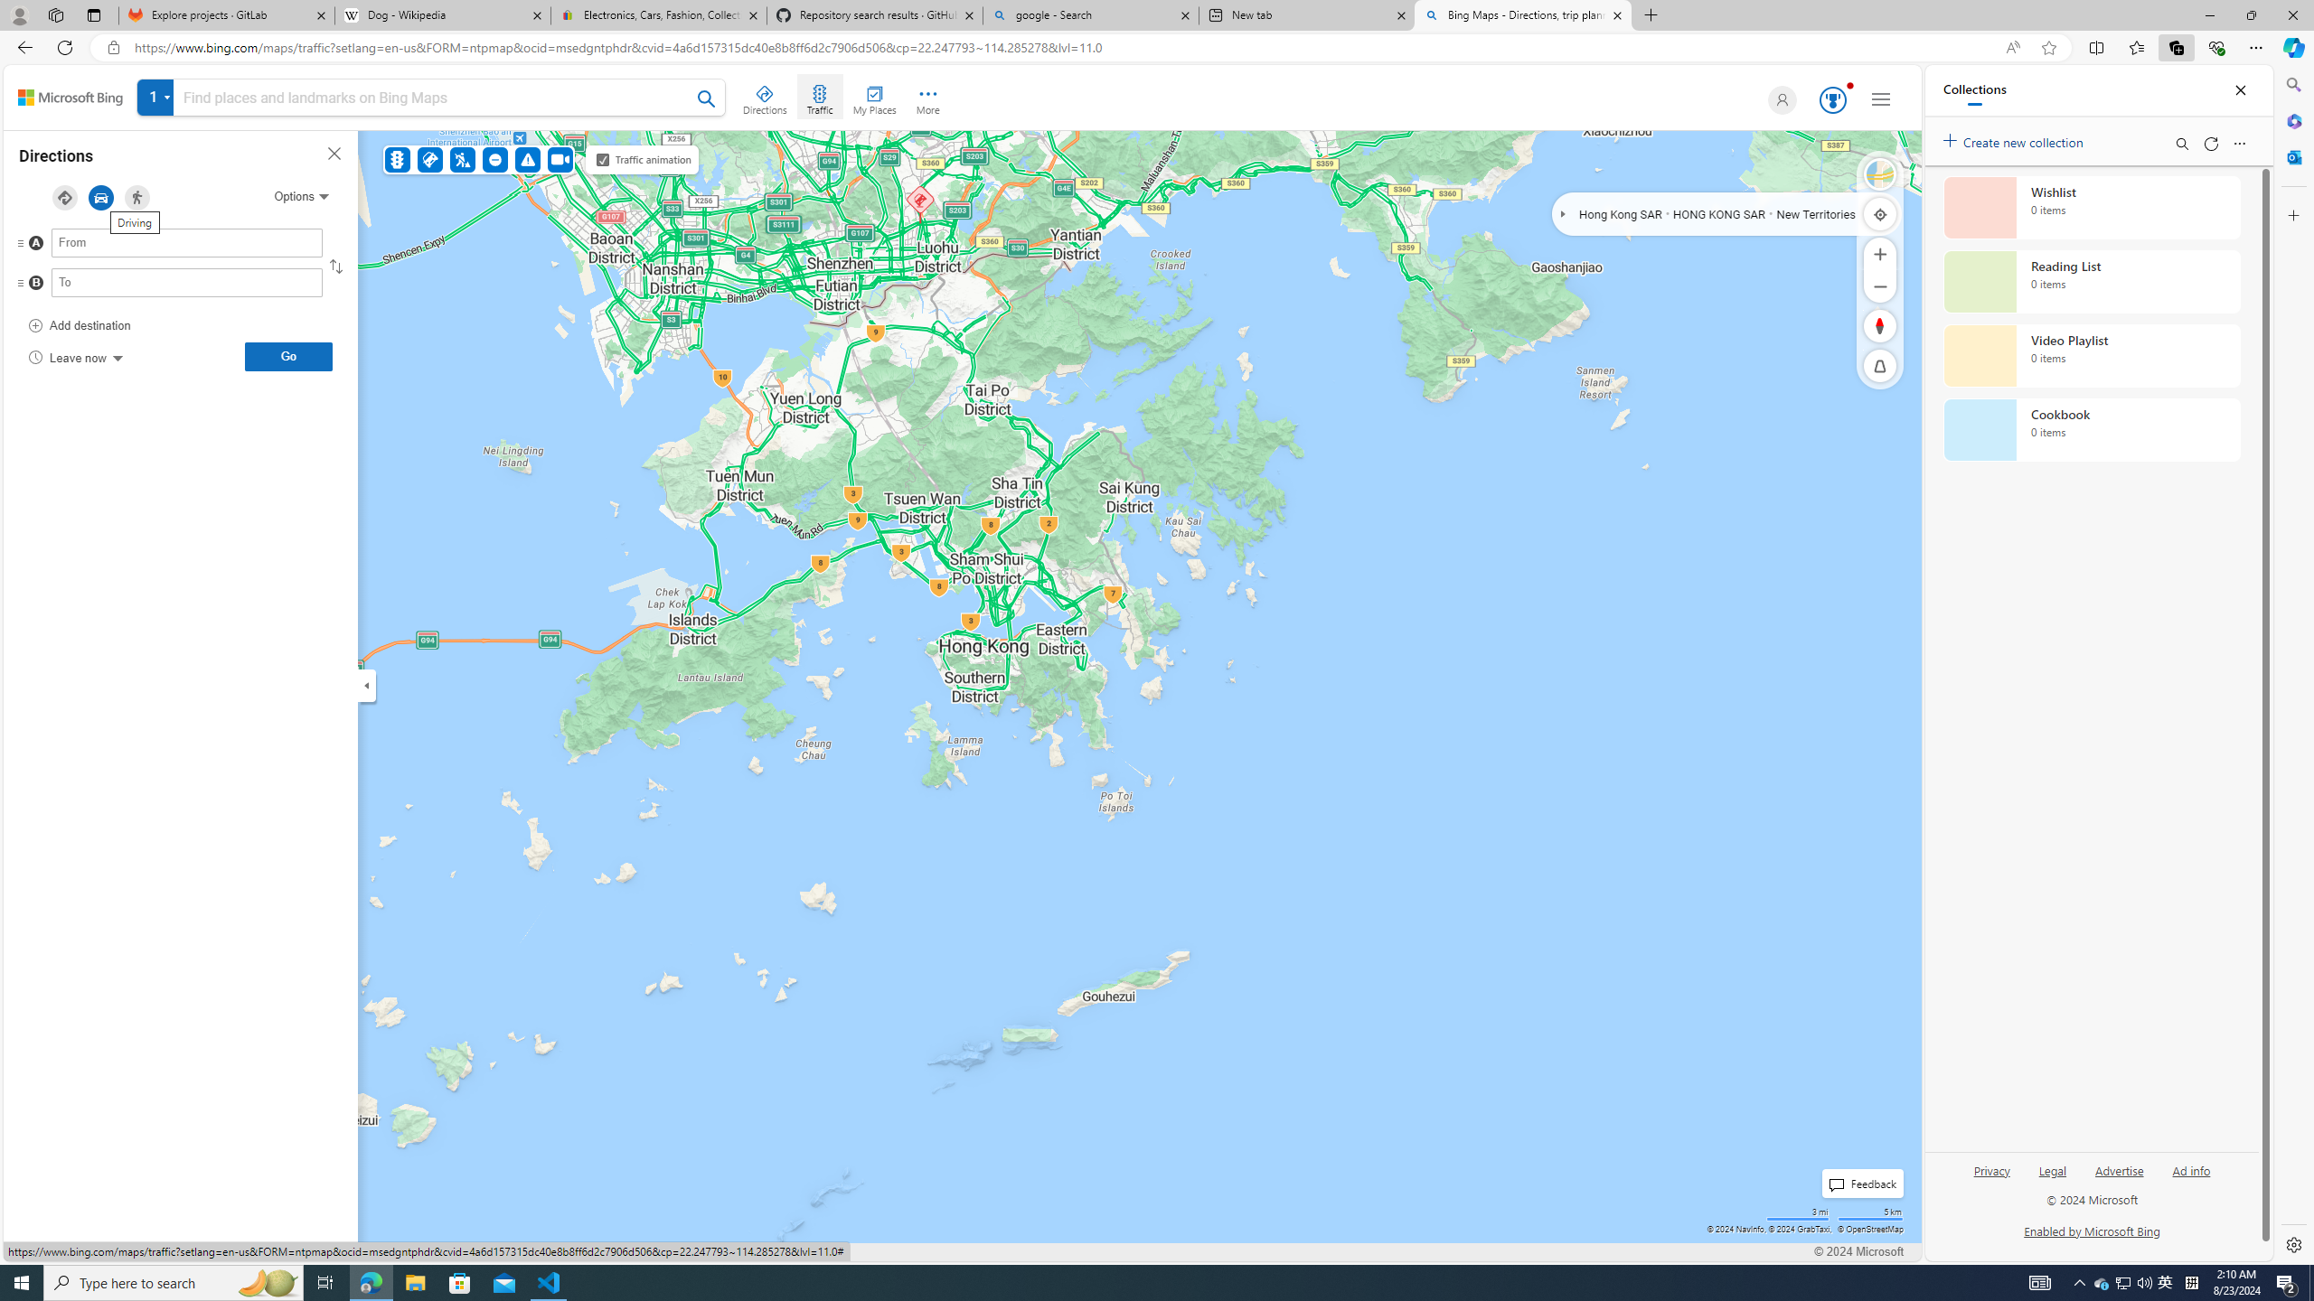 The image size is (2314, 1301). Describe the element at coordinates (2092, 354) in the screenshot. I see `'Video Playlist collection, 0 items'` at that location.